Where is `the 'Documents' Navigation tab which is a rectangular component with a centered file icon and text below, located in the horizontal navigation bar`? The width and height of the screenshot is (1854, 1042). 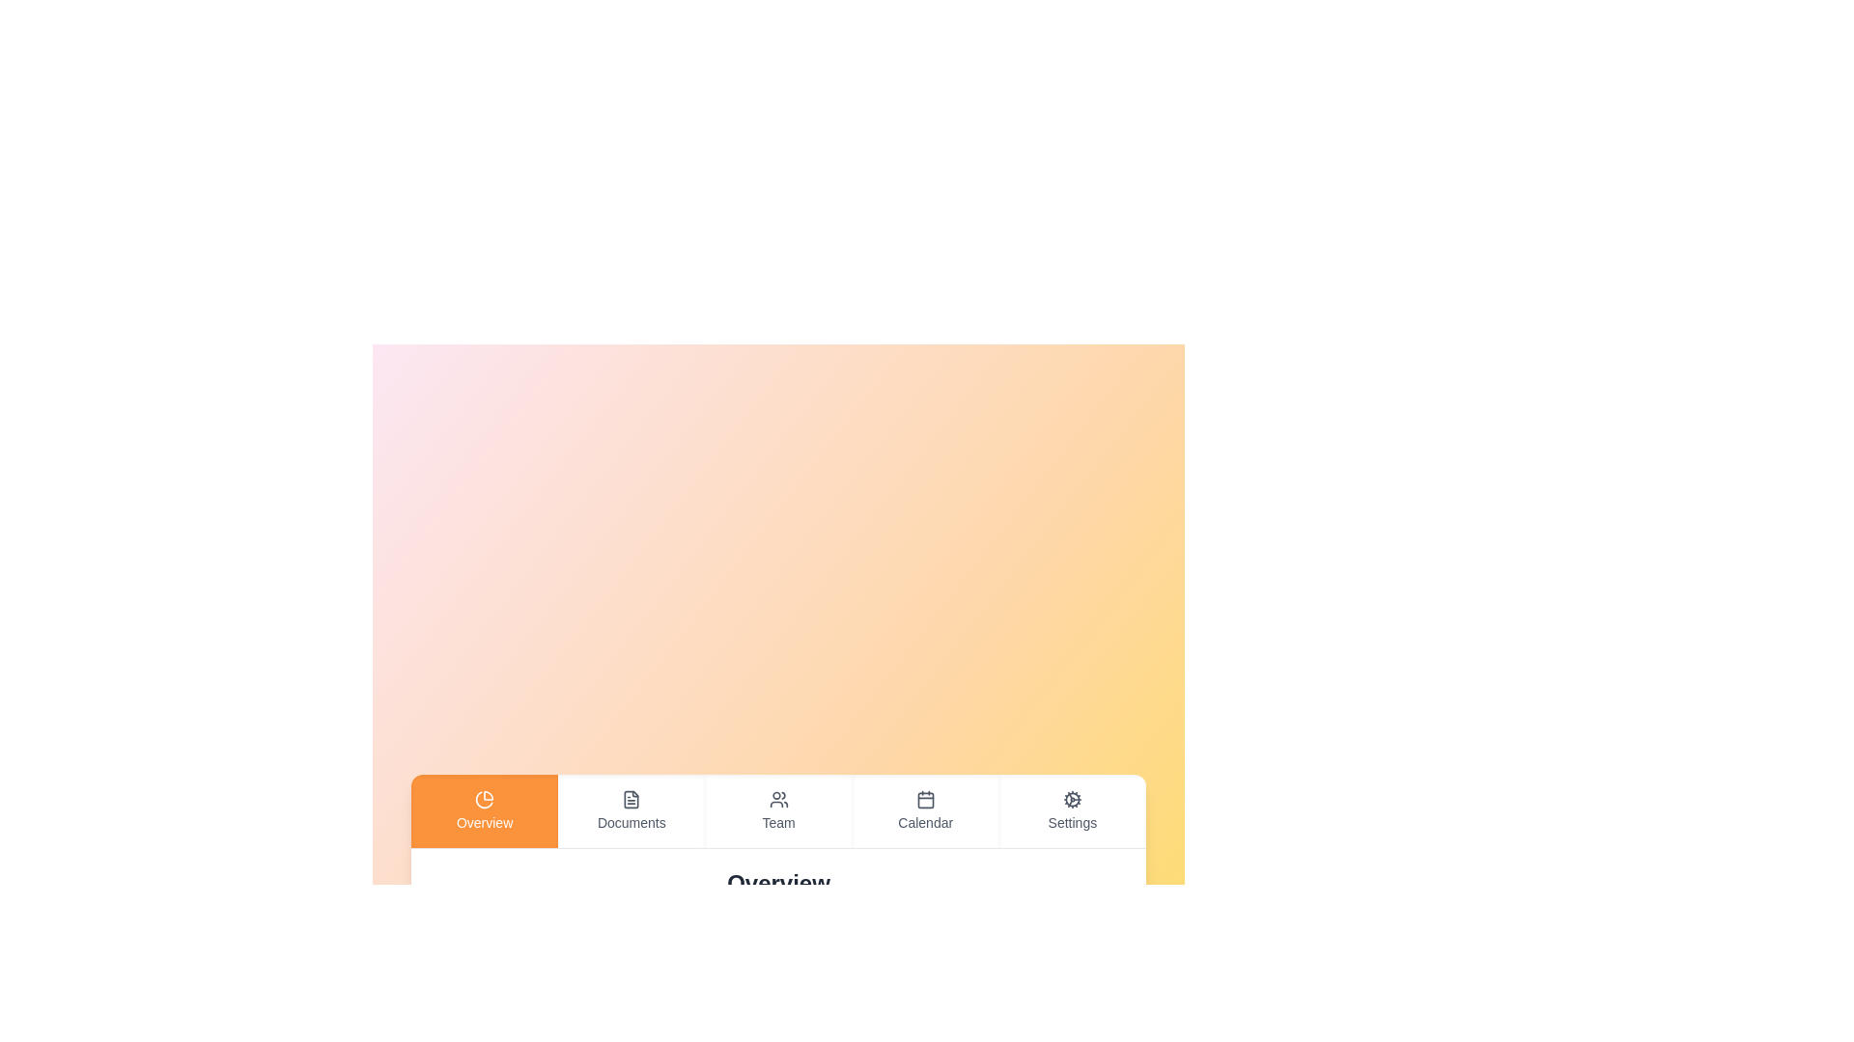 the 'Documents' Navigation tab which is a rectangular component with a centered file icon and text below, located in the horizontal navigation bar is located at coordinates (631, 810).